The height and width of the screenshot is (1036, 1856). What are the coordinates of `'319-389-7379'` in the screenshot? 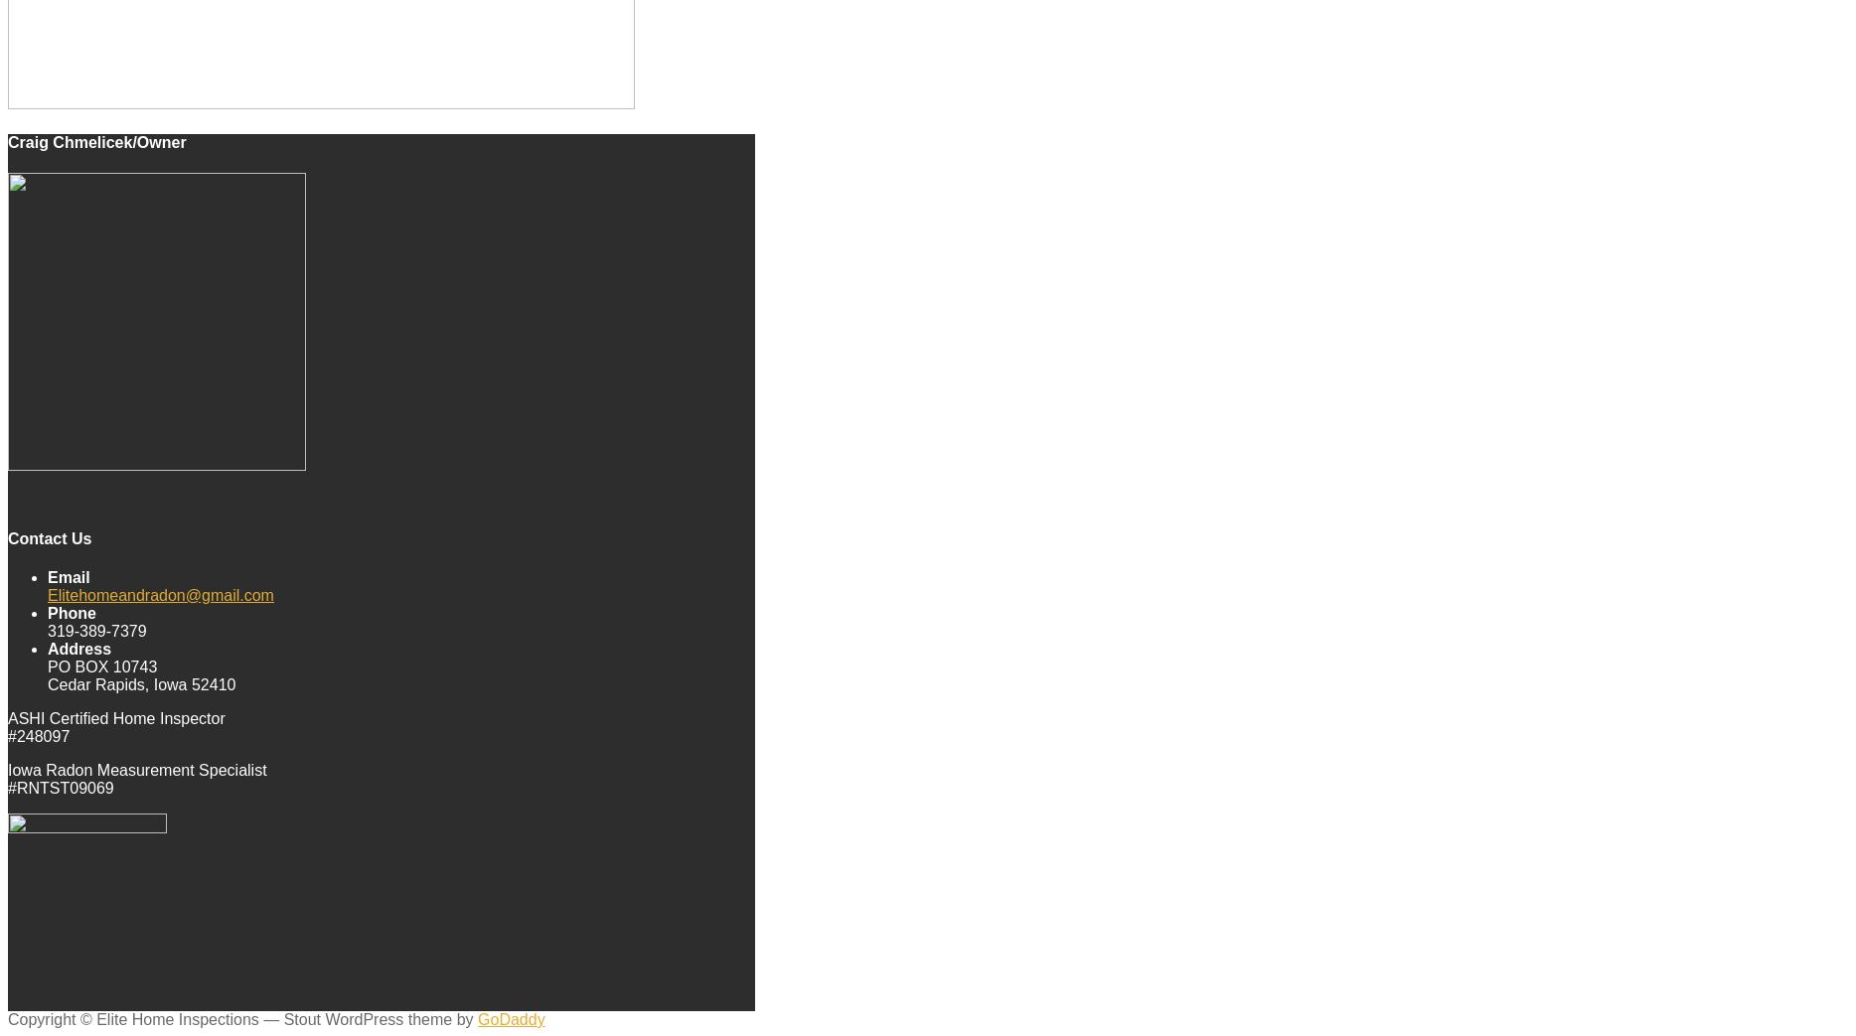 It's located at (96, 629).